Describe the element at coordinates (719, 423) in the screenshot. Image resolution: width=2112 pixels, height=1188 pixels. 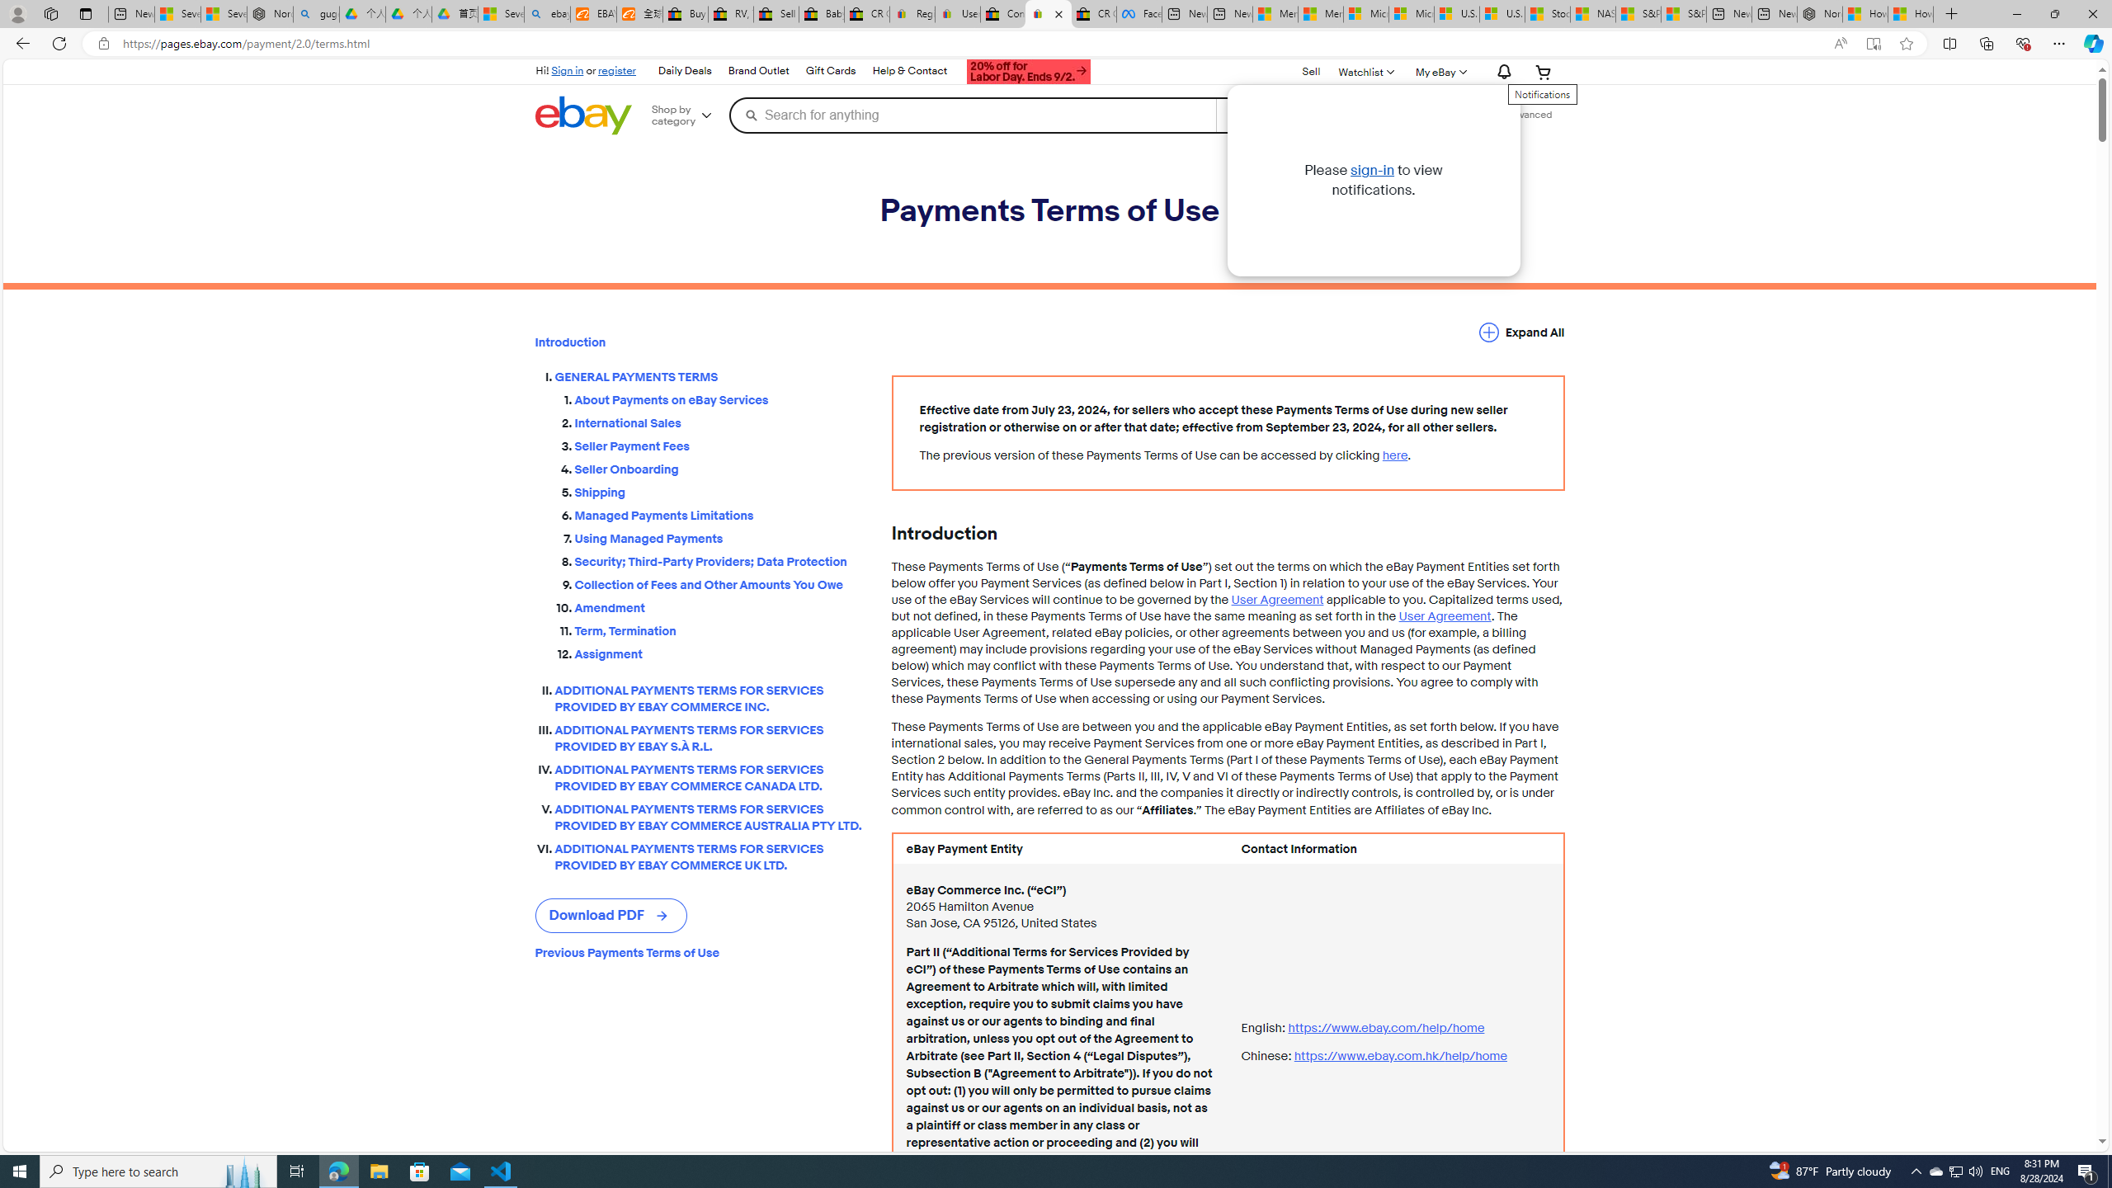
I see `'International Sales'` at that location.